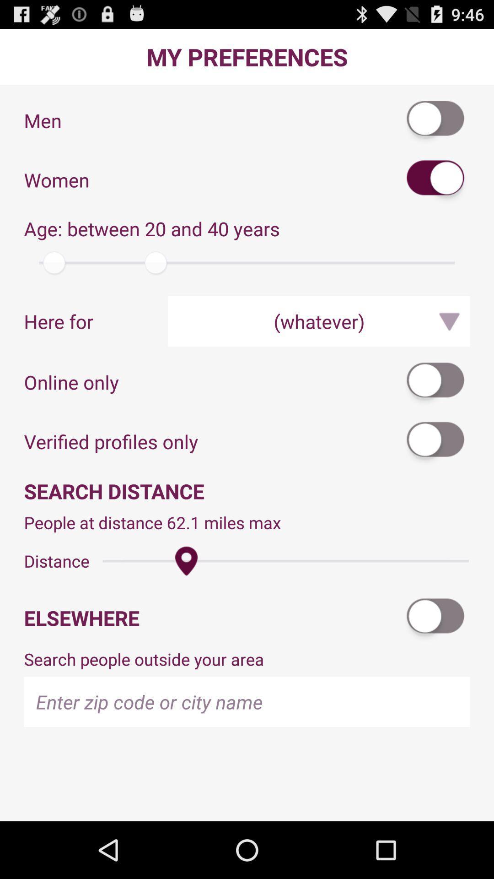 The height and width of the screenshot is (879, 494). I want to click on the app above the search distance, so click(435, 441).